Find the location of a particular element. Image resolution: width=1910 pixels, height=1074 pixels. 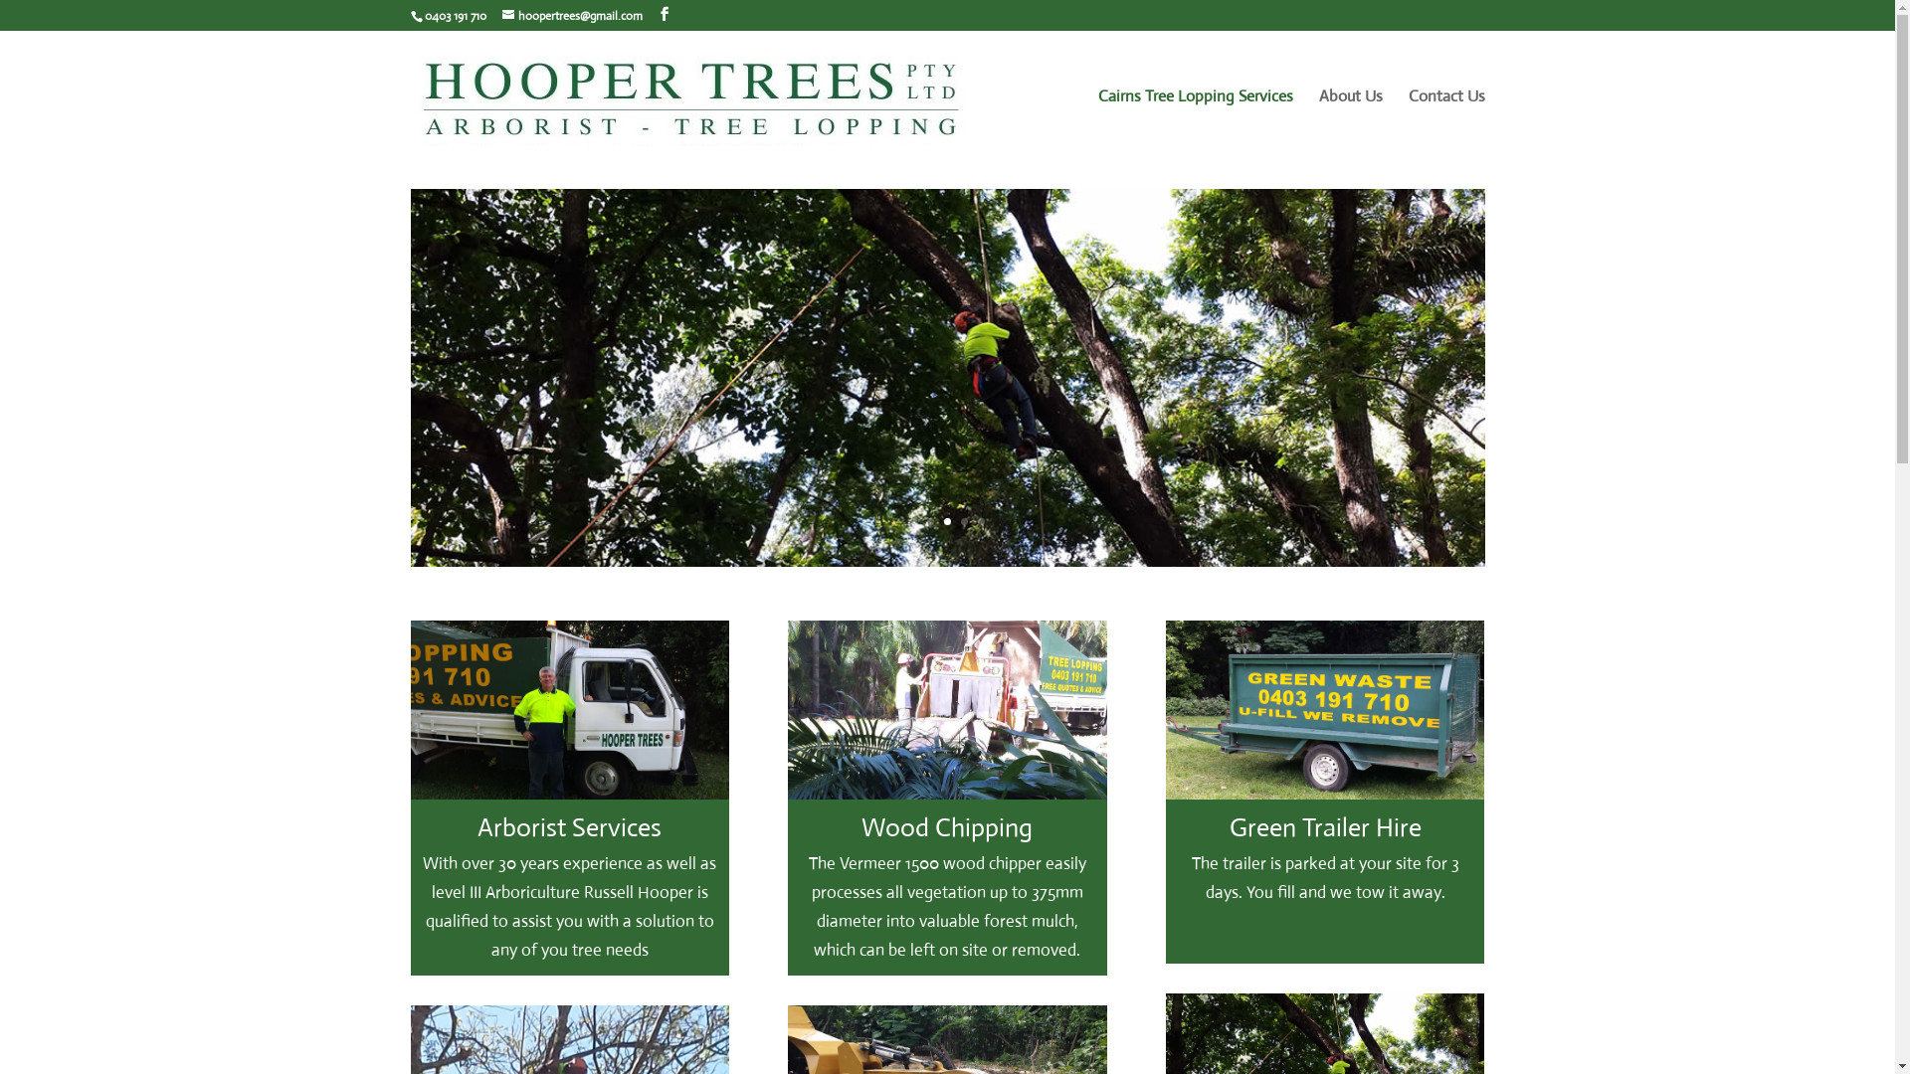

'5' is located at coordinates (981, 520).